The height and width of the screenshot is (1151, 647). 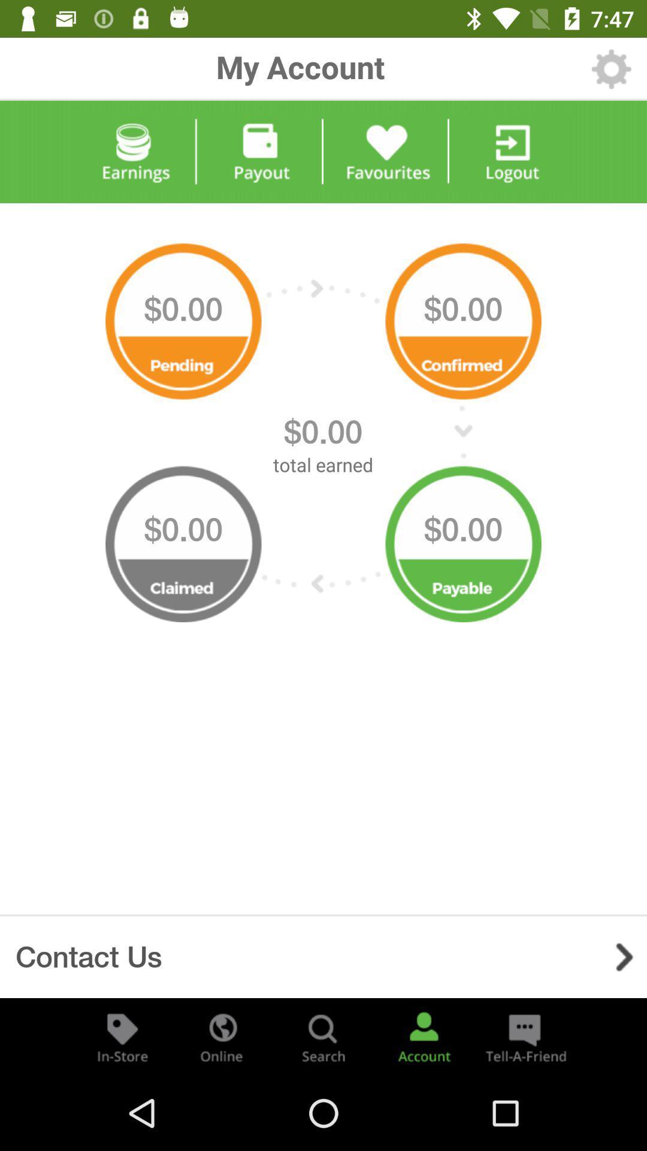 What do you see at coordinates (134, 151) in the screenshot?
I see `earnings tab` at bounding box center [134, 151].